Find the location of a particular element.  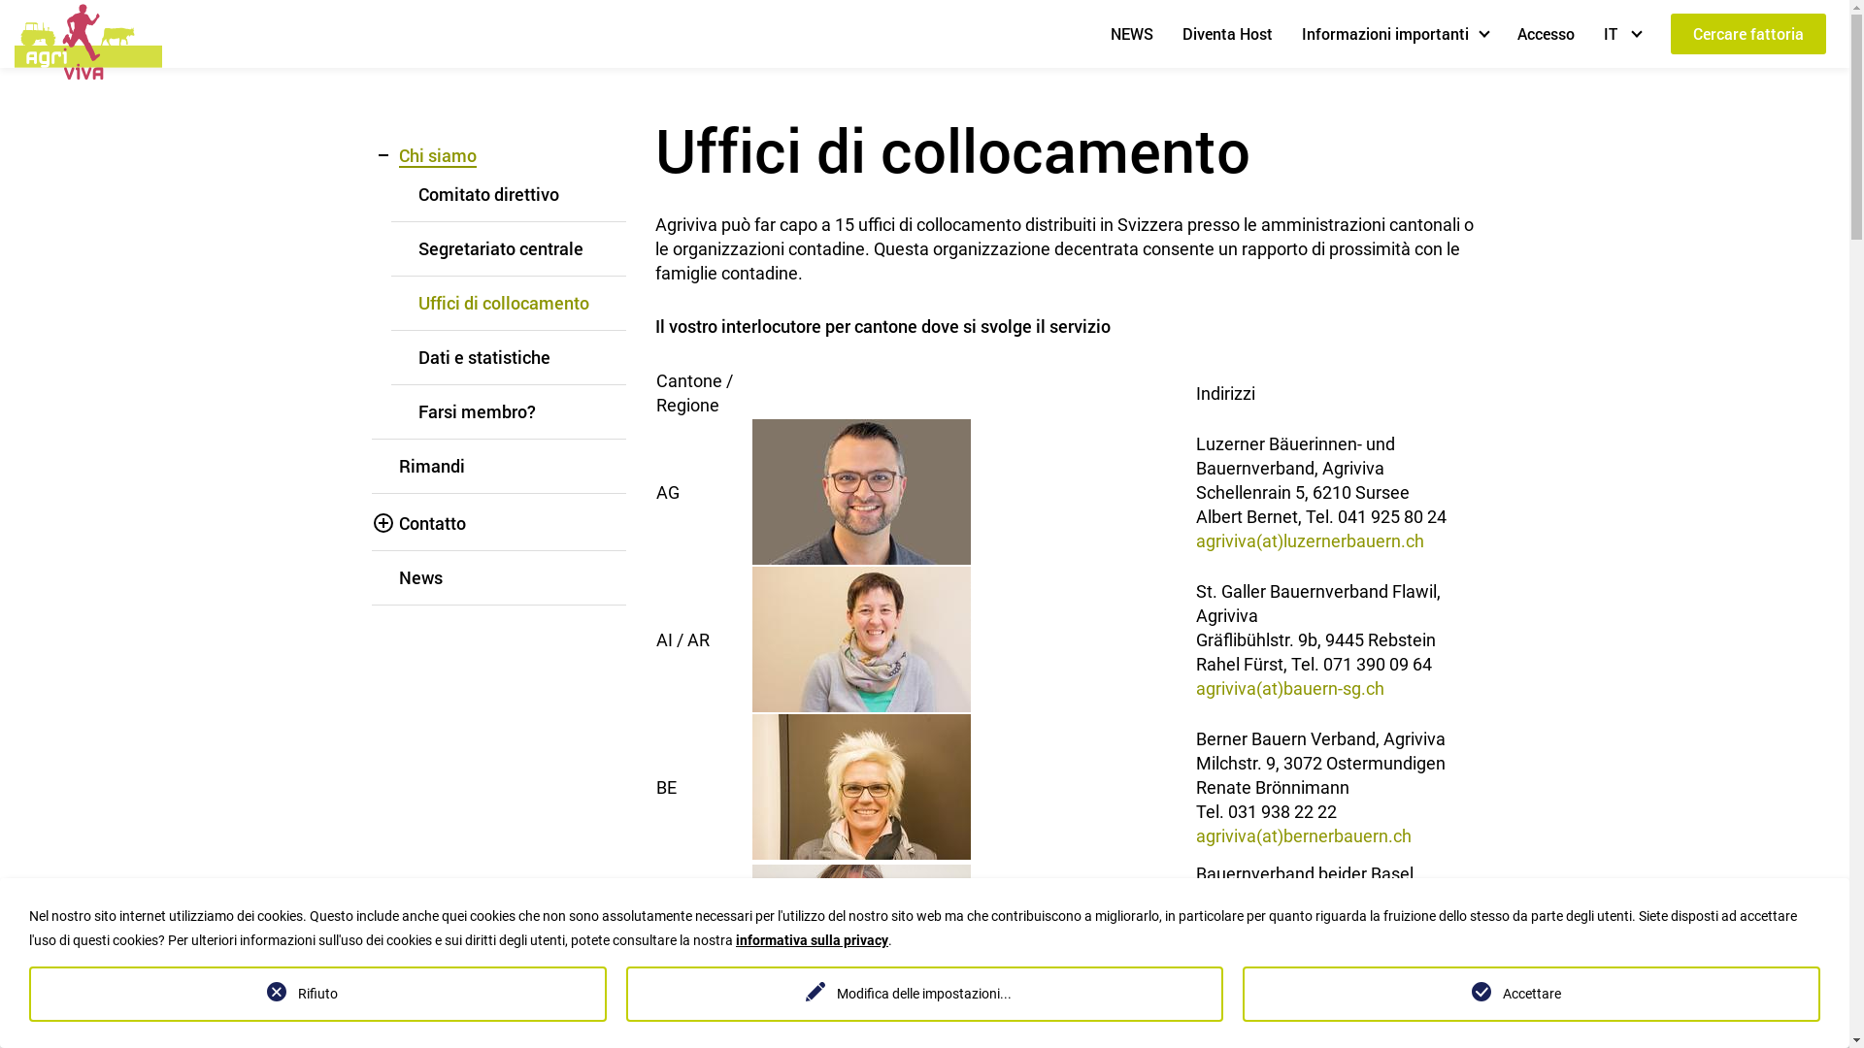

'Rimandi' is located at coordinates (430, 465).